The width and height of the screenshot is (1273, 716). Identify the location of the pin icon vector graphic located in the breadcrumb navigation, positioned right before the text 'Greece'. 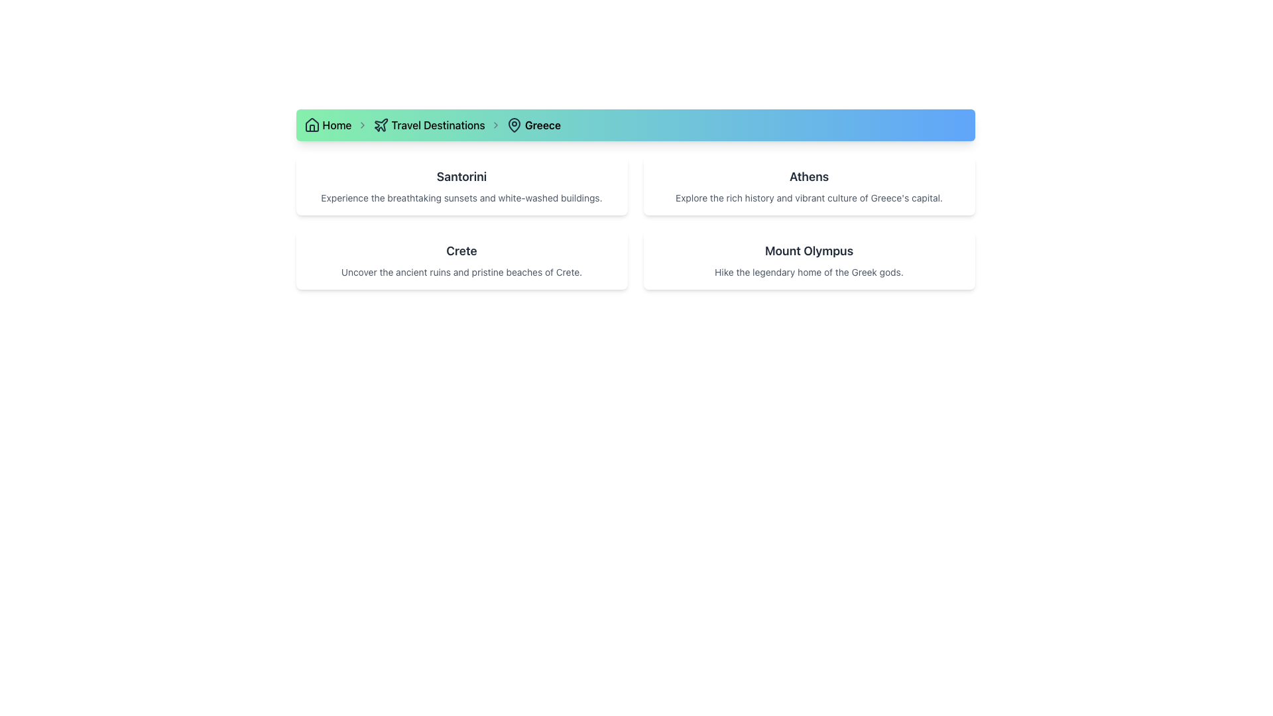
(513, 125).